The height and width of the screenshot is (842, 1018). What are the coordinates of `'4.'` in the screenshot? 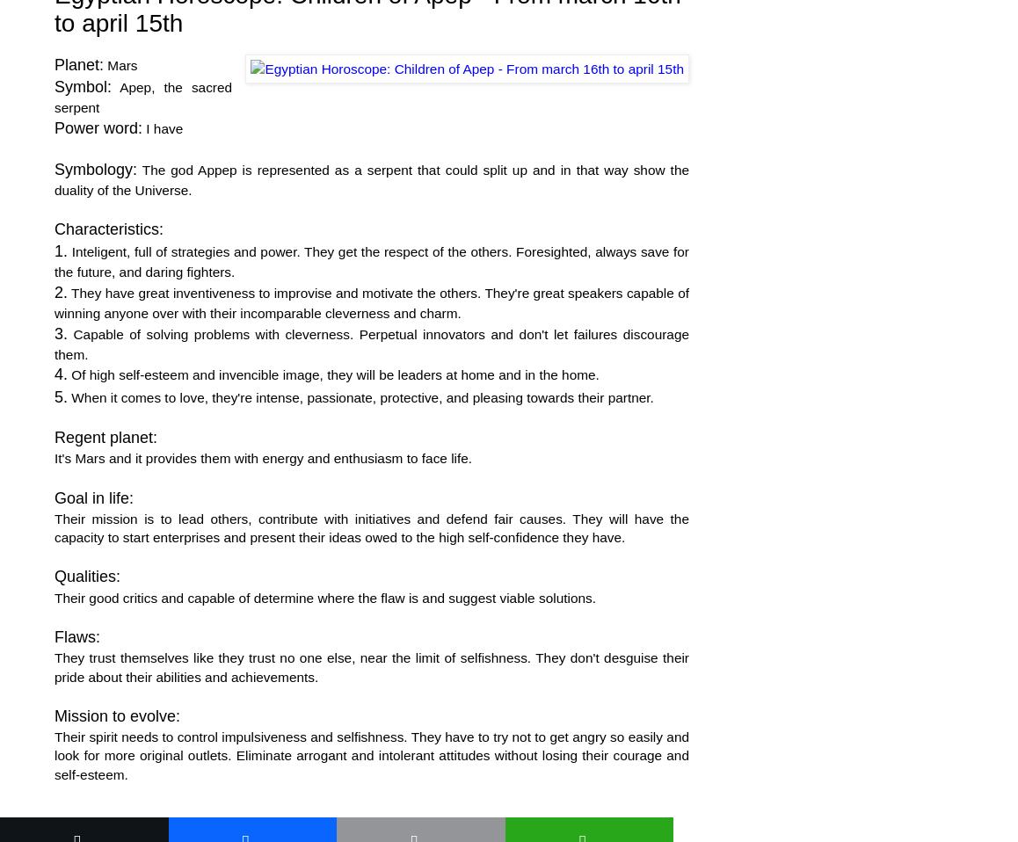 It's located at (61, 374).